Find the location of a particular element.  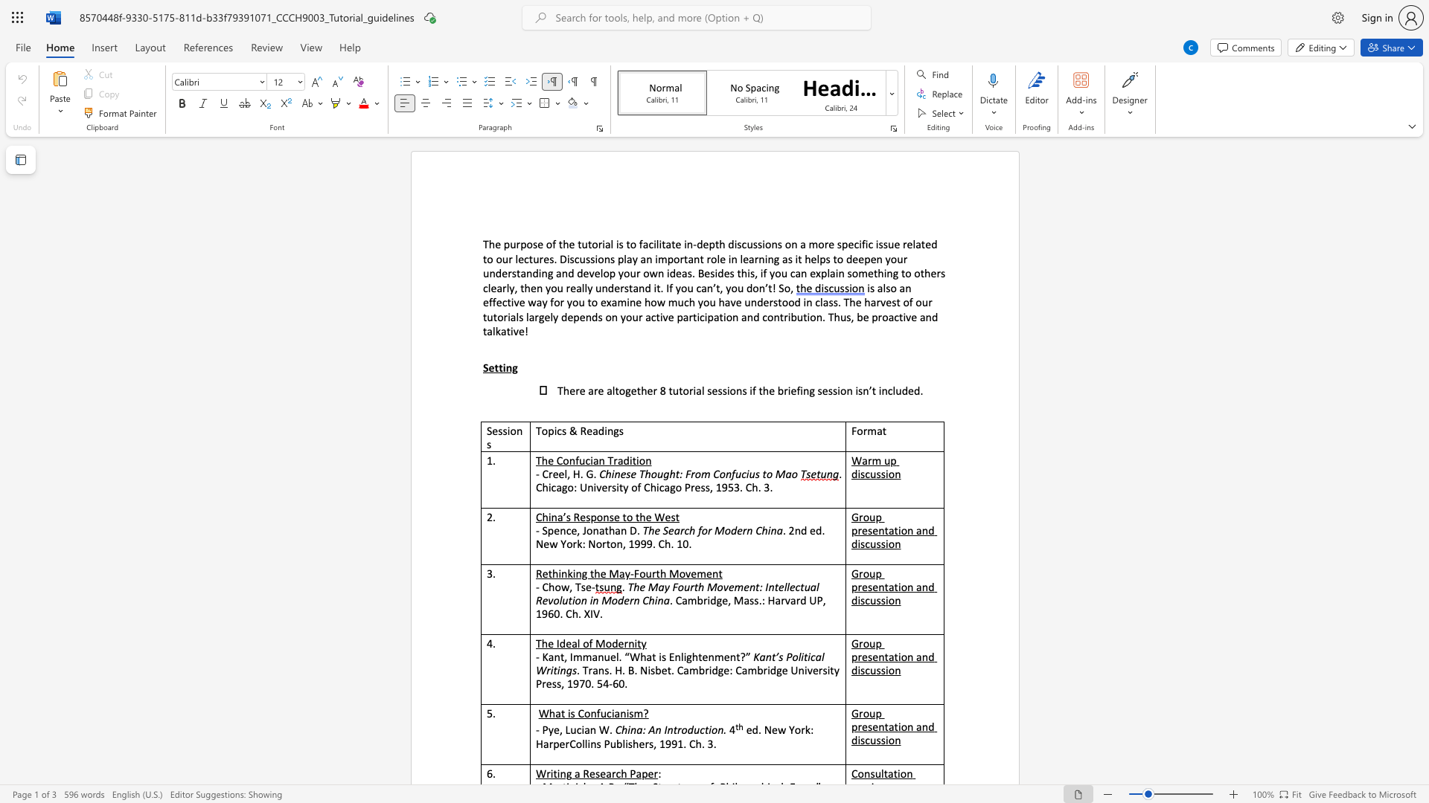

the subset text "0. Ch. XIV." within the text ". Cambridge, Mass.: Harvard UP, 1960. Ch. XIV." is located at coordinates (553, 613).